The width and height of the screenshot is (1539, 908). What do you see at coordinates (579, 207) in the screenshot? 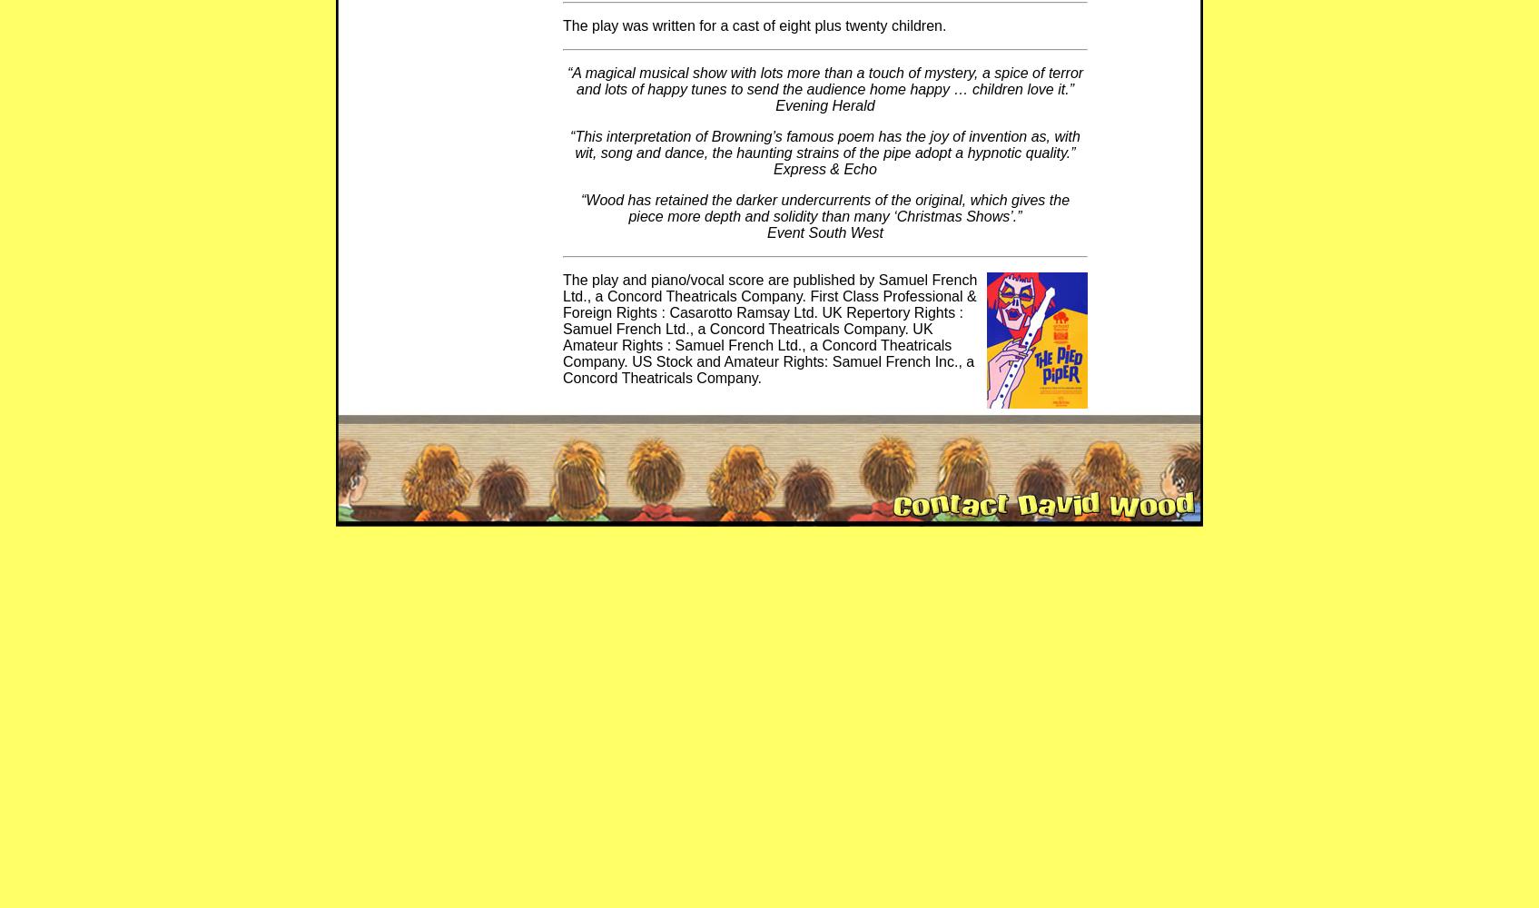
I see `'“Wood has retained the darker undercurrents of the original, which gives the piece more depth and solidity than many ‘Christmas Shows’.”'` at bounding box center [579, 207].